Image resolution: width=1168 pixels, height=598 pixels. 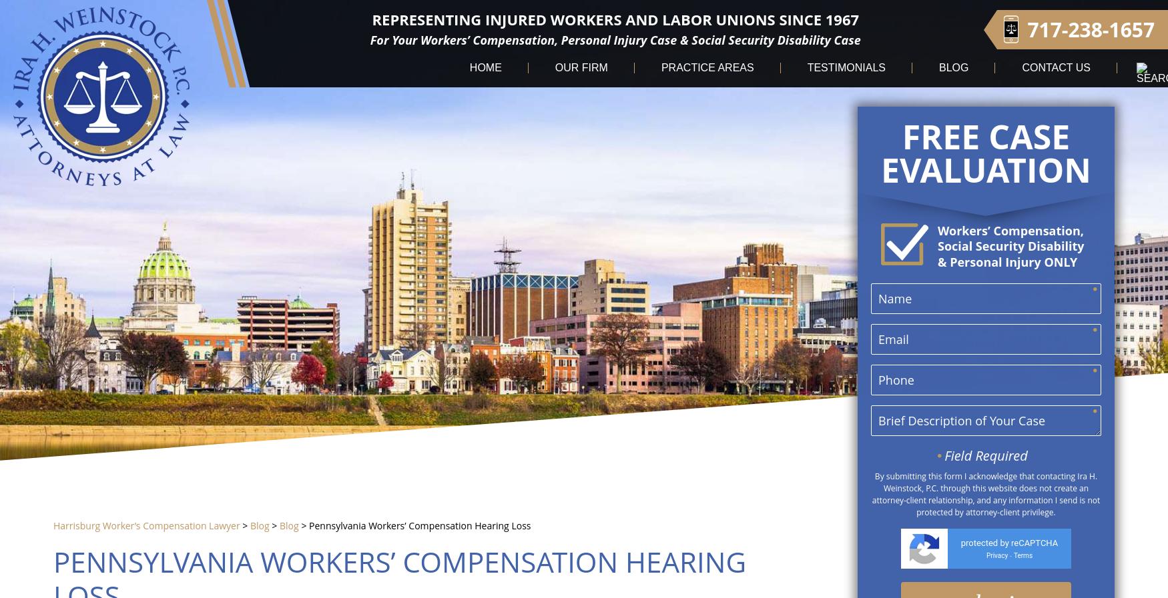 What do you see at coordinates (1008, 543) in the screenshot?
I see `'protected by reCAPTCHA'` at bounding box center [1008, 543].